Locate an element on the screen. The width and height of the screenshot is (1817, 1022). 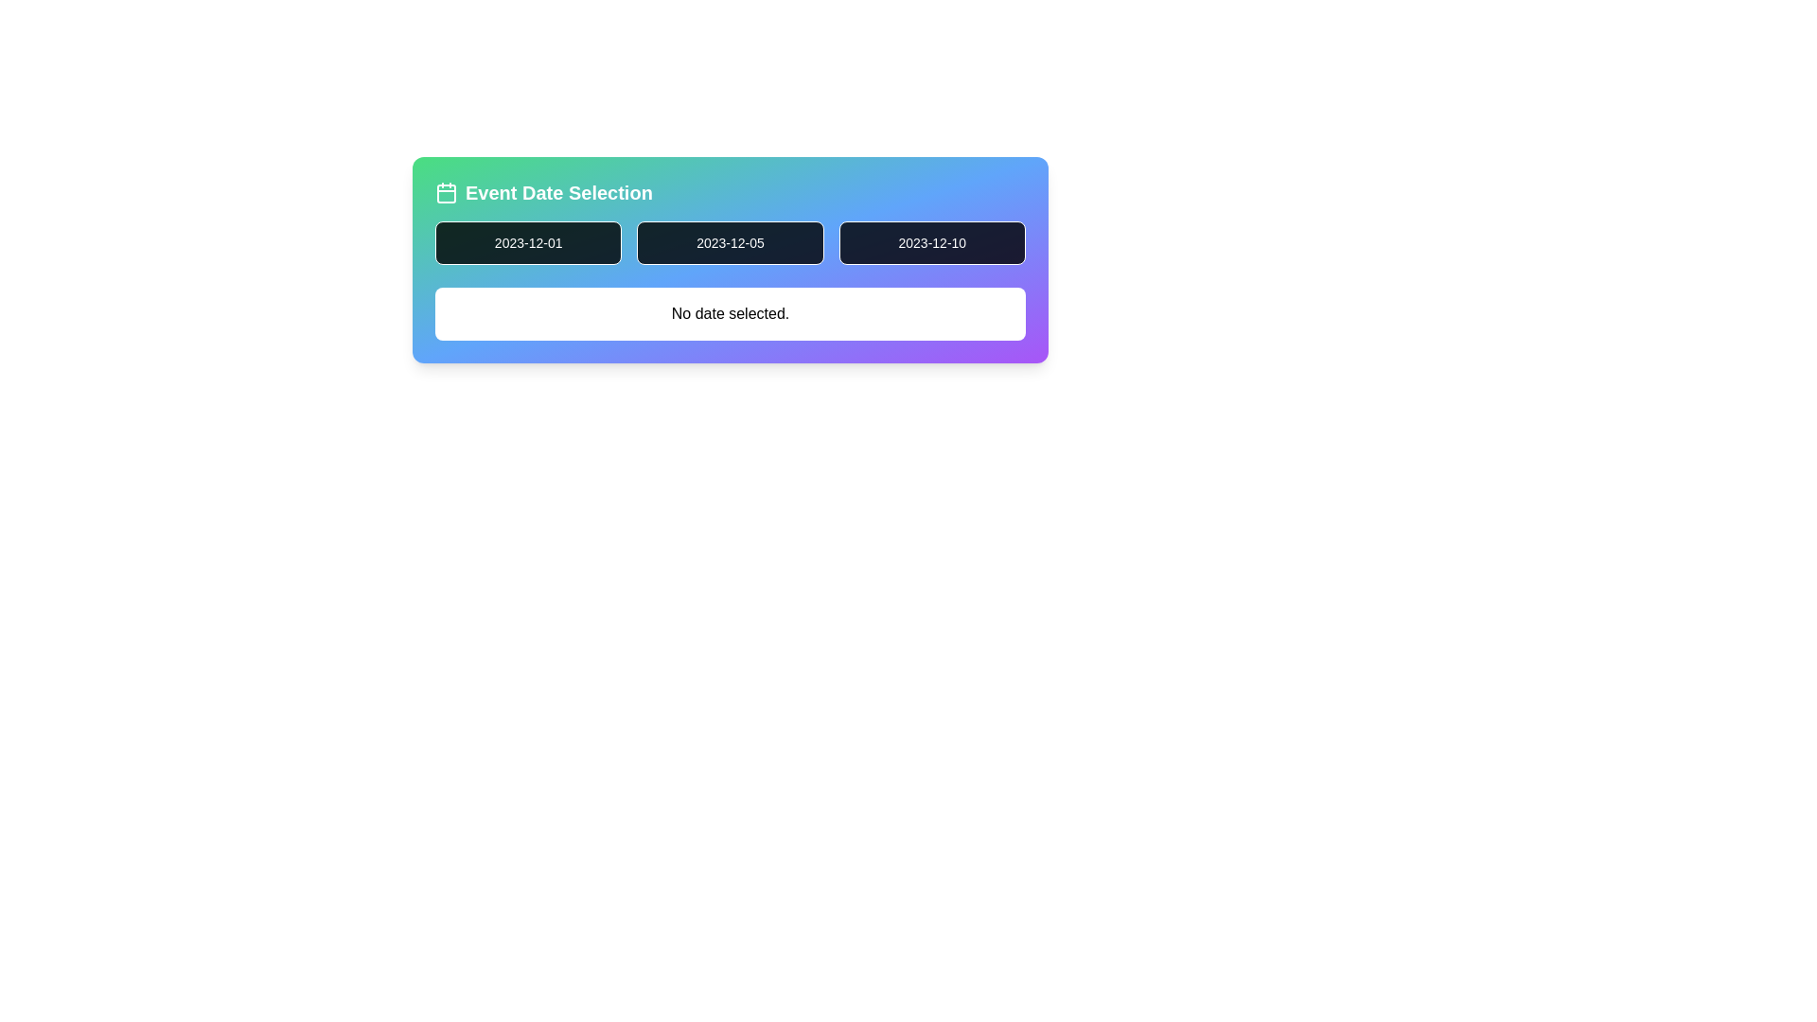
the label that says 'Event Date Selection', which is styled with bold and large font and located in the top-left corner of a card-like group, adjacent to a calendar icon is located at coordinates (557, 193).